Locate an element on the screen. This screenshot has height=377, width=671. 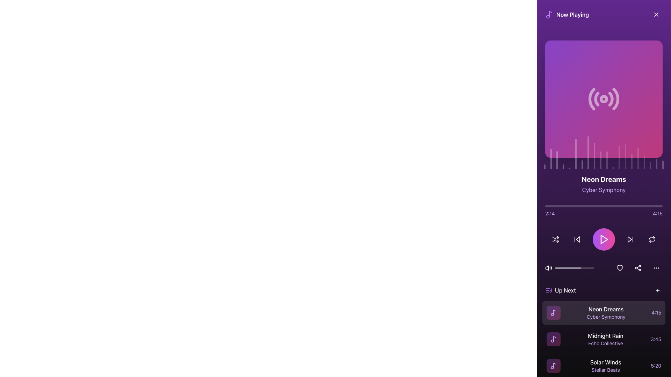
the volume slider is located at coordinates (572, 267).